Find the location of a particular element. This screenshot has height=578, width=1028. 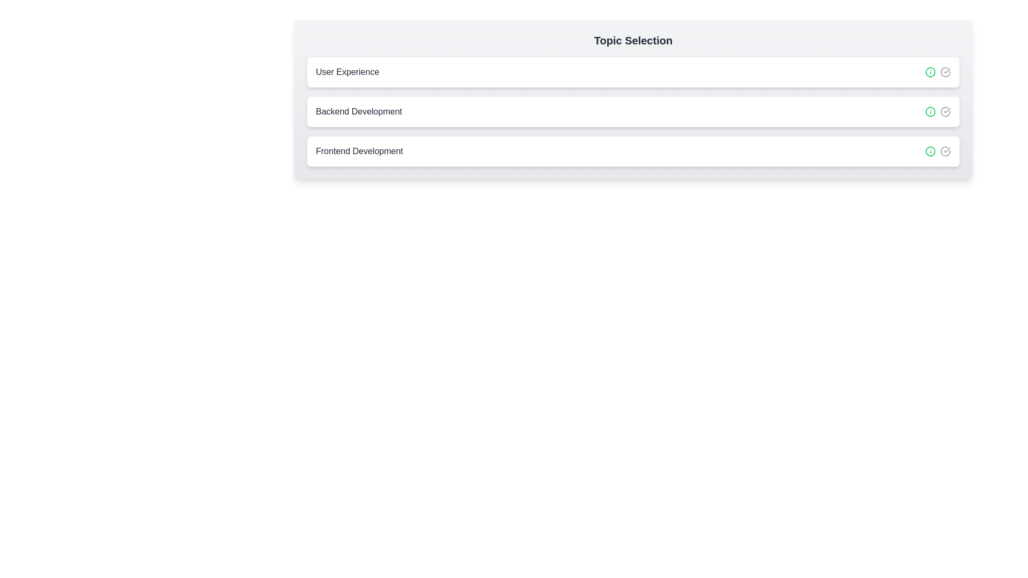

the chip labeled 'Backend Development' to observe the hover effect is located at coordinates (633, 111).